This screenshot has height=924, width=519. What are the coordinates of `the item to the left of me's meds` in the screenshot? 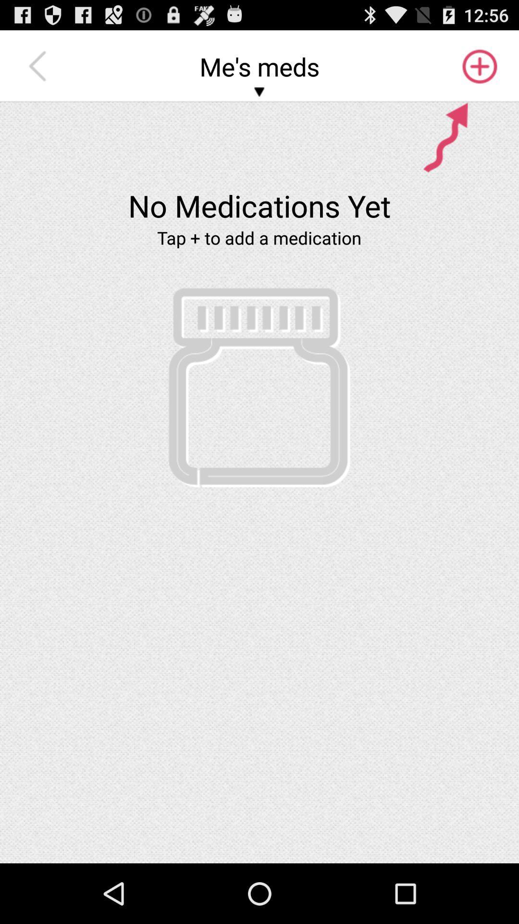 It's located at (39, 66).